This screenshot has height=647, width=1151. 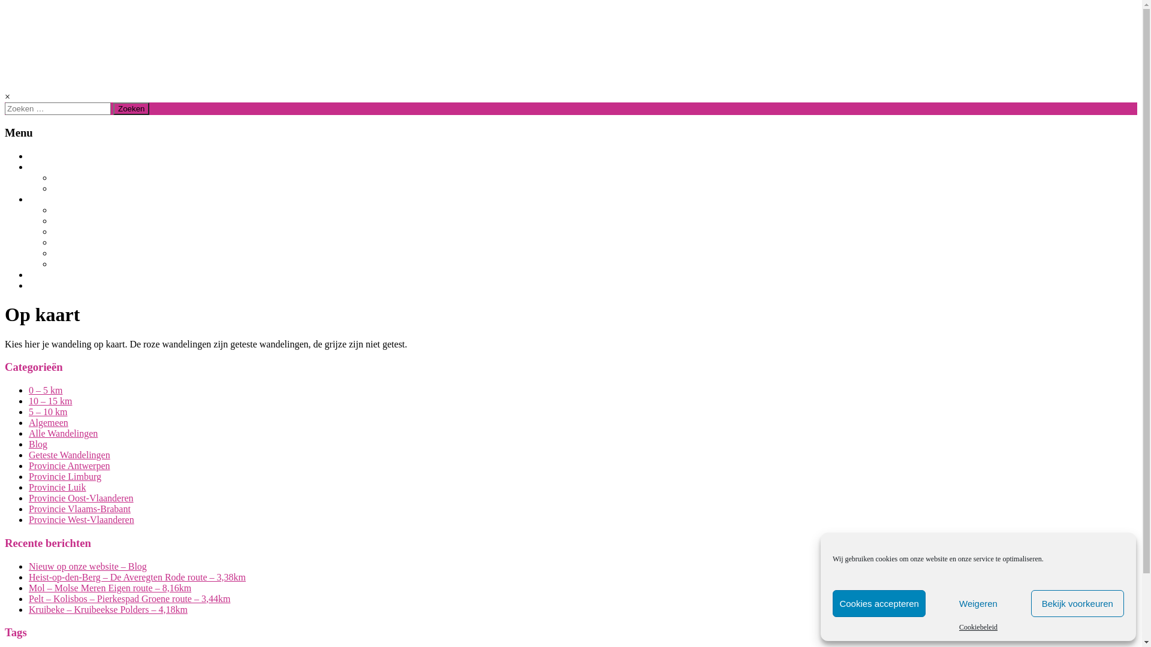 What do you see at coordinates (118, 243) in the screenshot?
I see `'PROVINCIE OOST-VLAANDEREN'` at bounding box center [118, 243].